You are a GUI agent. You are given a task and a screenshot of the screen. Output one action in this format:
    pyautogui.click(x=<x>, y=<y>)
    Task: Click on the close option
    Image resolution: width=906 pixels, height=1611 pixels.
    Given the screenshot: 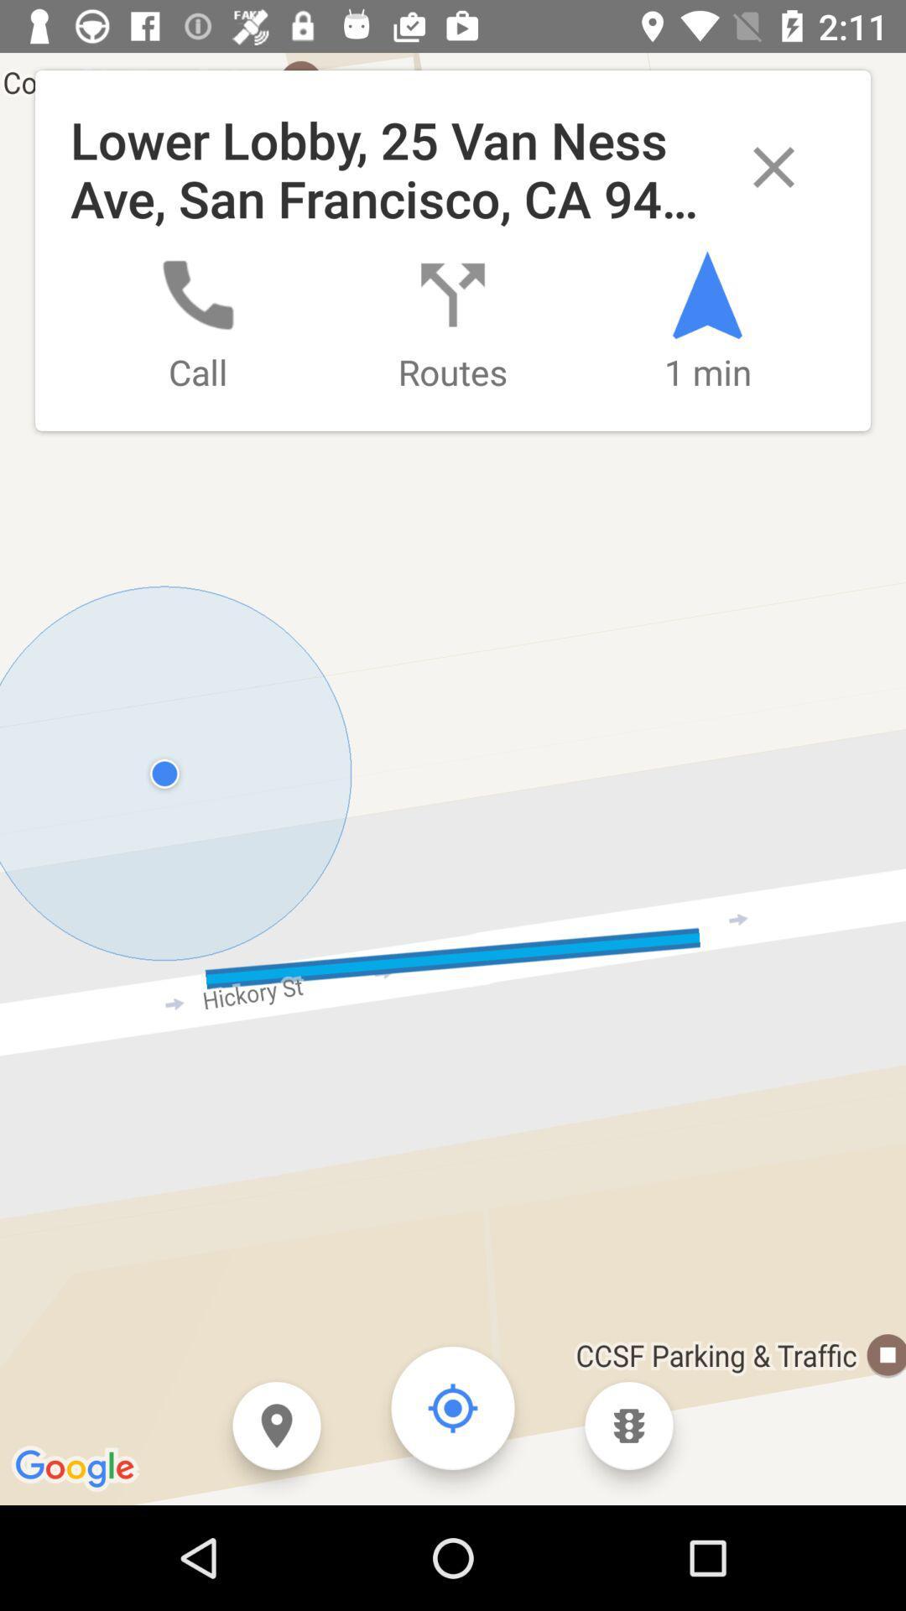 What is the action you would take?
    pyautogui.click(x=773, y=167)
    